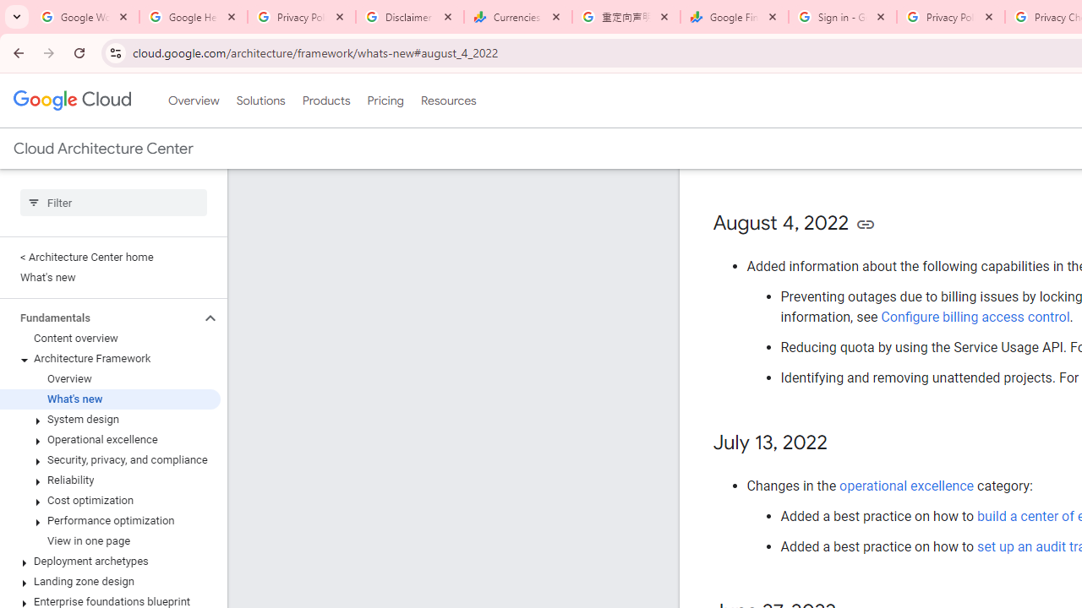  Describe the element at coordinates (109, 581) in the screenshot. I see `'Landing zone design'` at that location.